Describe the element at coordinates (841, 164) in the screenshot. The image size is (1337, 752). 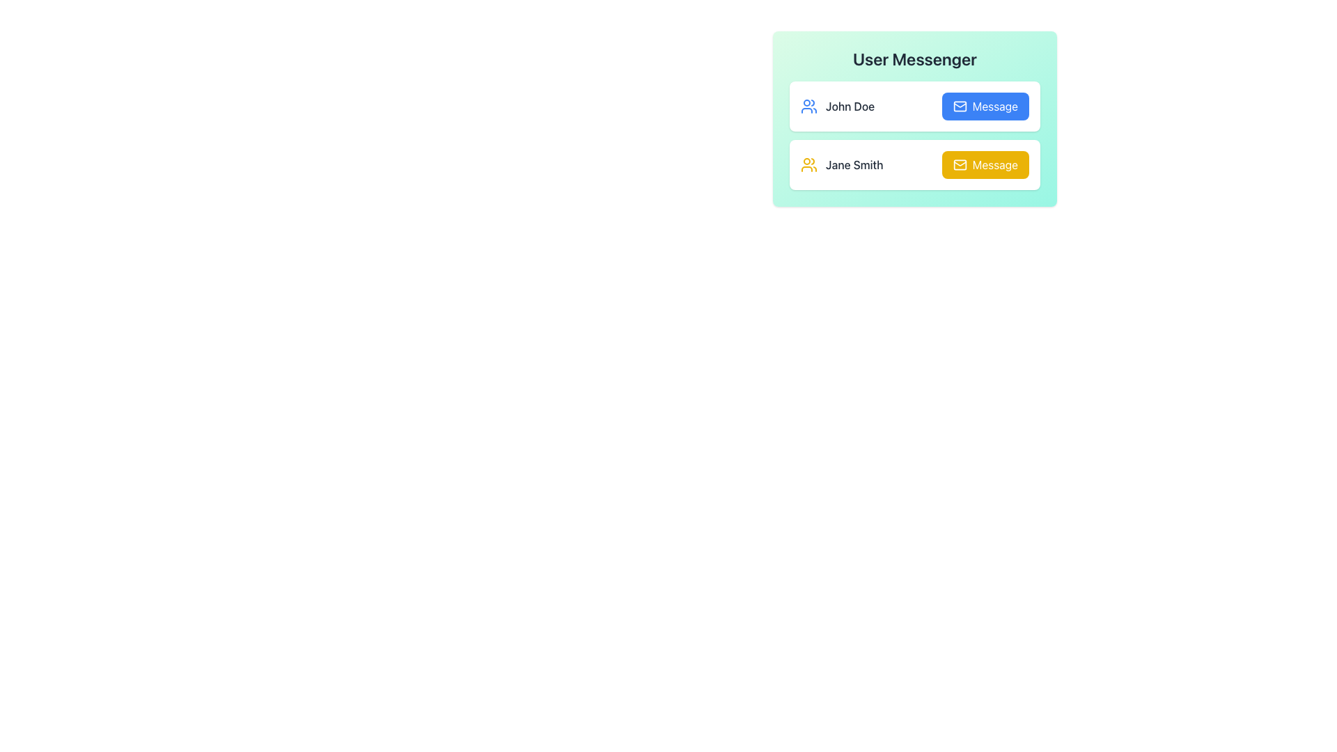
I see `the 'Jane Smith' text label with the yellow user icon` at that location.